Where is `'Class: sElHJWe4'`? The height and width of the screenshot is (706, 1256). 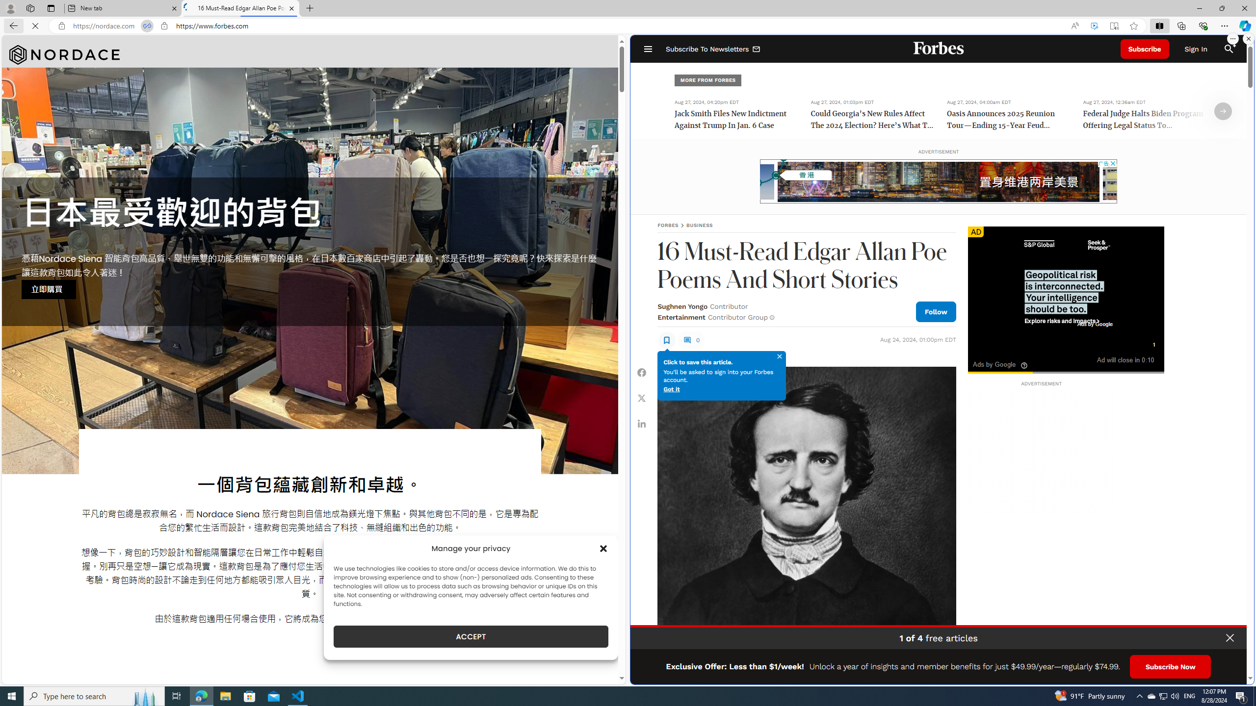 'Class: sElHJWe4' is located at coordinates (666, 340).